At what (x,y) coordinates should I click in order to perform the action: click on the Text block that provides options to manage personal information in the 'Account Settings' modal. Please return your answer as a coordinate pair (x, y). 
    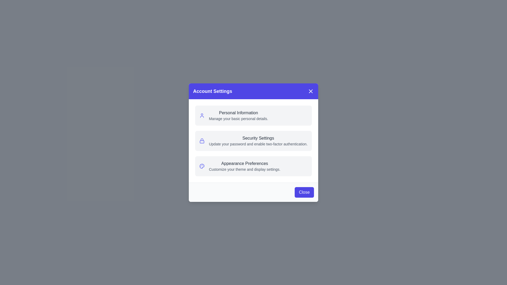
    Looking at the image, I should click on (238, 115).